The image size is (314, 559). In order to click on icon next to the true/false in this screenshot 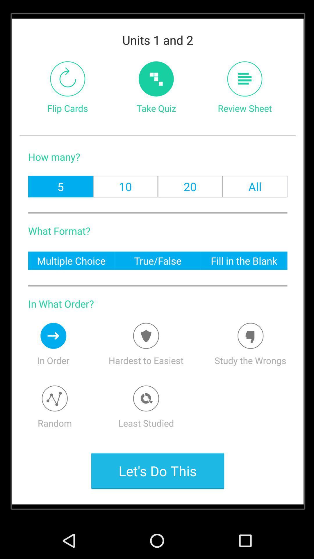, I will do `click(71, 260)`.